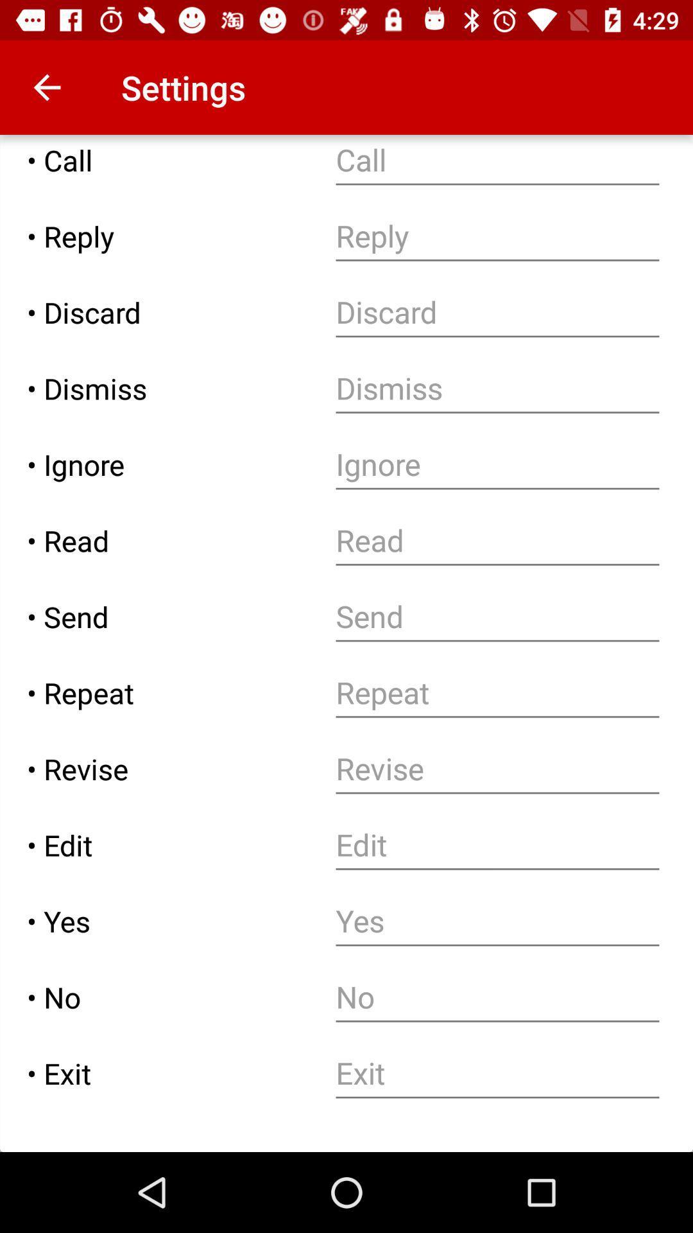 The image size is (693, 1233). What do you see at coordinates (497, 236) in the screenshot?
I see `setup reply` at bounding box center [497, 236].